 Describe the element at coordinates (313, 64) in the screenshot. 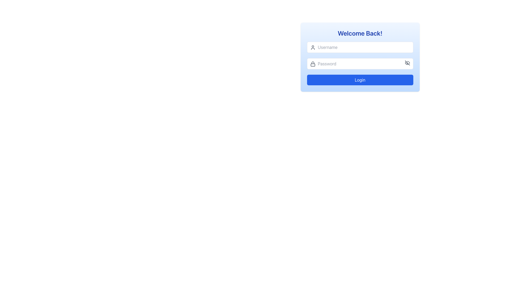

I see `the lock icon located to the immediate left of the password input field on the login form, which visually indicates the security of the input` at that location.